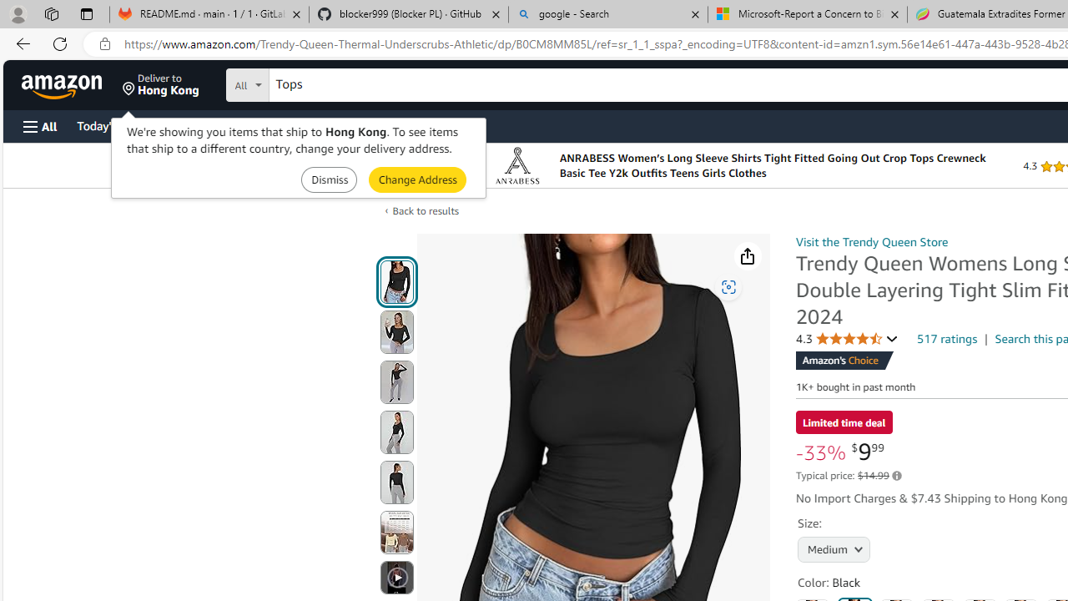 This screenshot has width=1068, height=601. What do you see at coordinates (871, 241) in the screenshot?
I see `'Visit the Trendy Queen Store'` at bounding box center [871, 241].